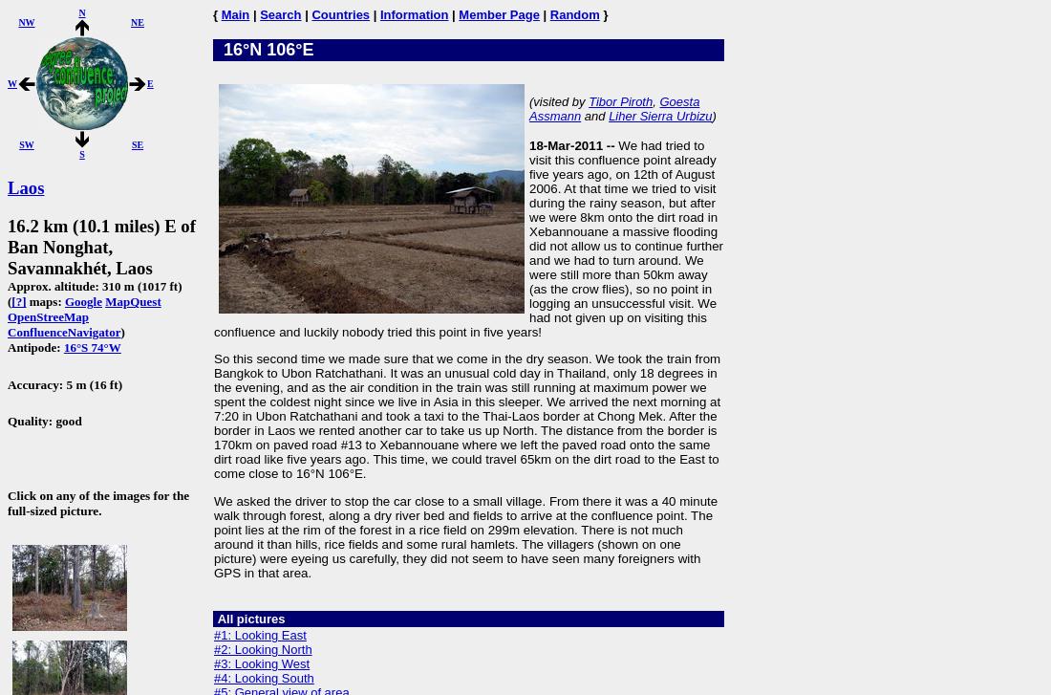  Describe the element at coordinates (557, 101) in the screenshot. I see `'(visited by'` at that location.